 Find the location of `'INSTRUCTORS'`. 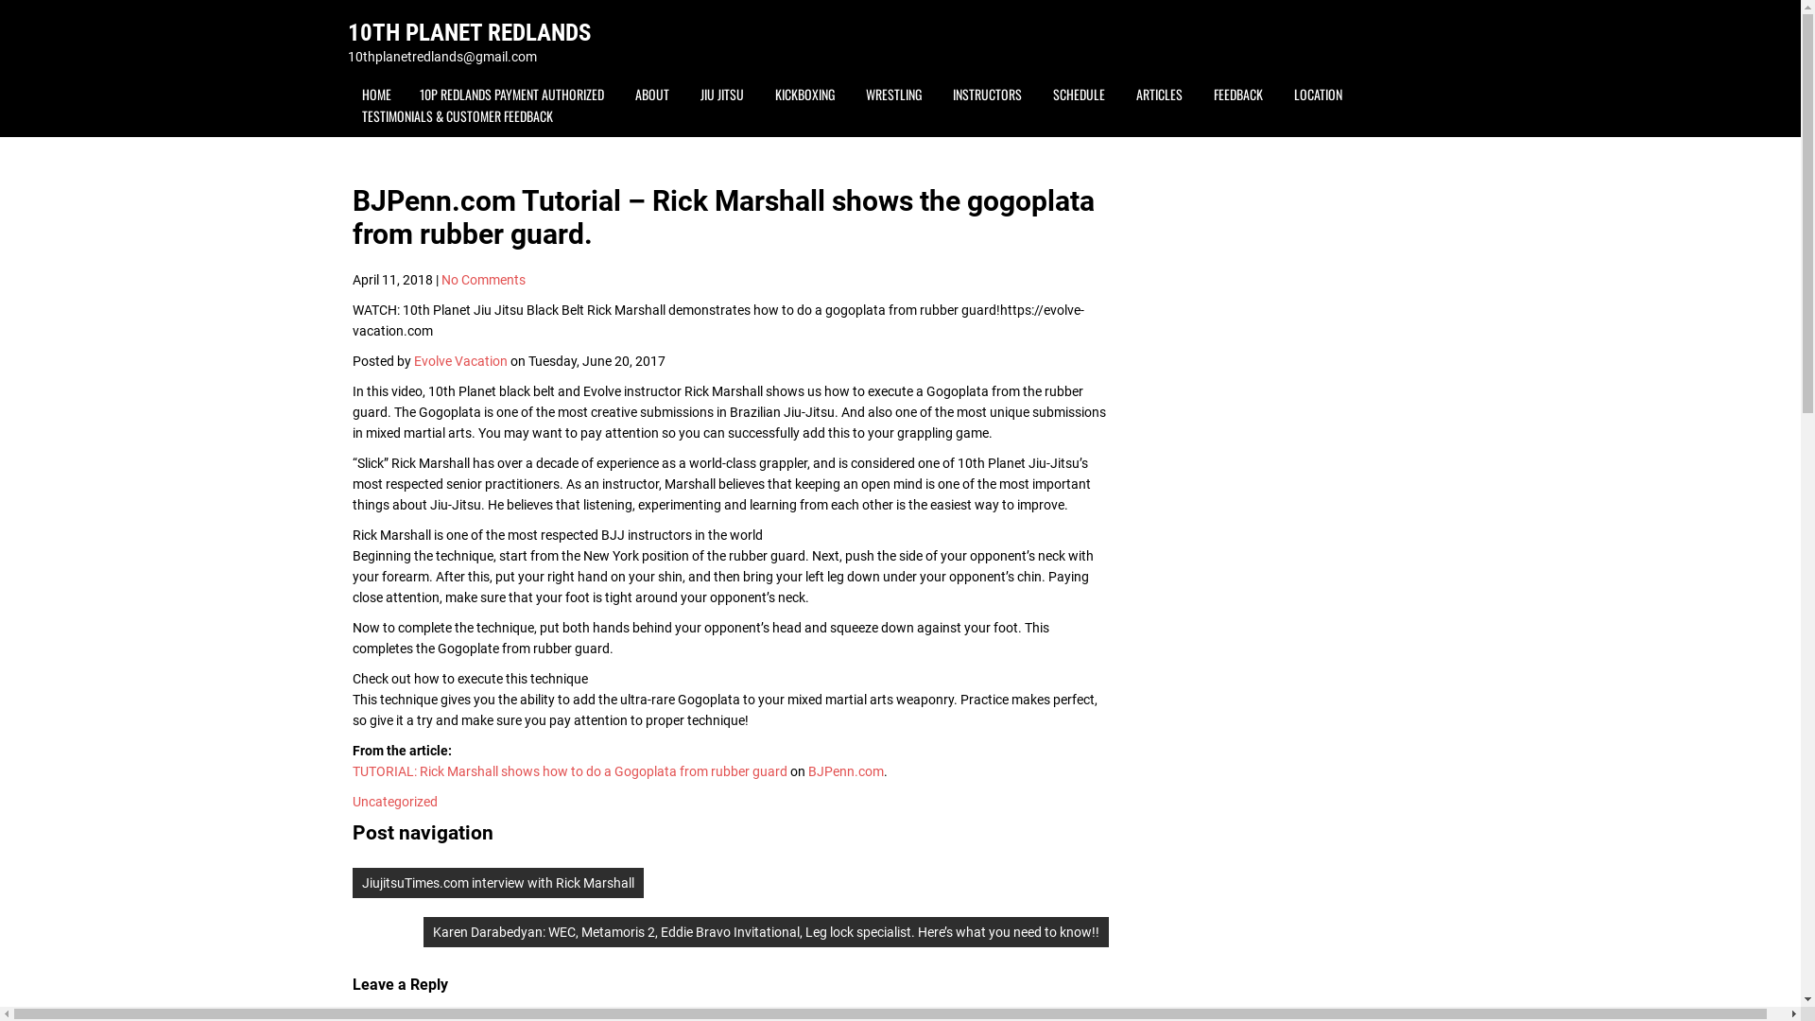

'INSTRUCTORS' is located at coordinates (985, 94).